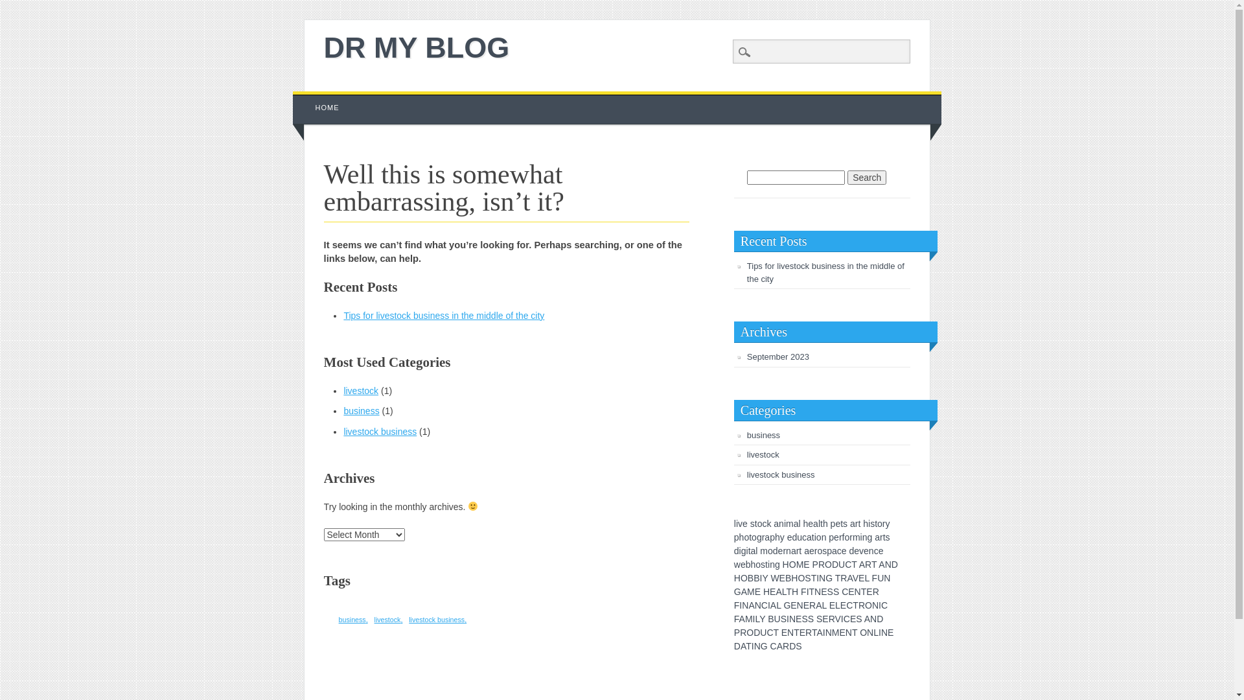 The width and height of the screenshot is (1244, 700). What do you see at coordinates (824, 537) in the screenshot?
I see `'n'` at bounding box center [824, 537].